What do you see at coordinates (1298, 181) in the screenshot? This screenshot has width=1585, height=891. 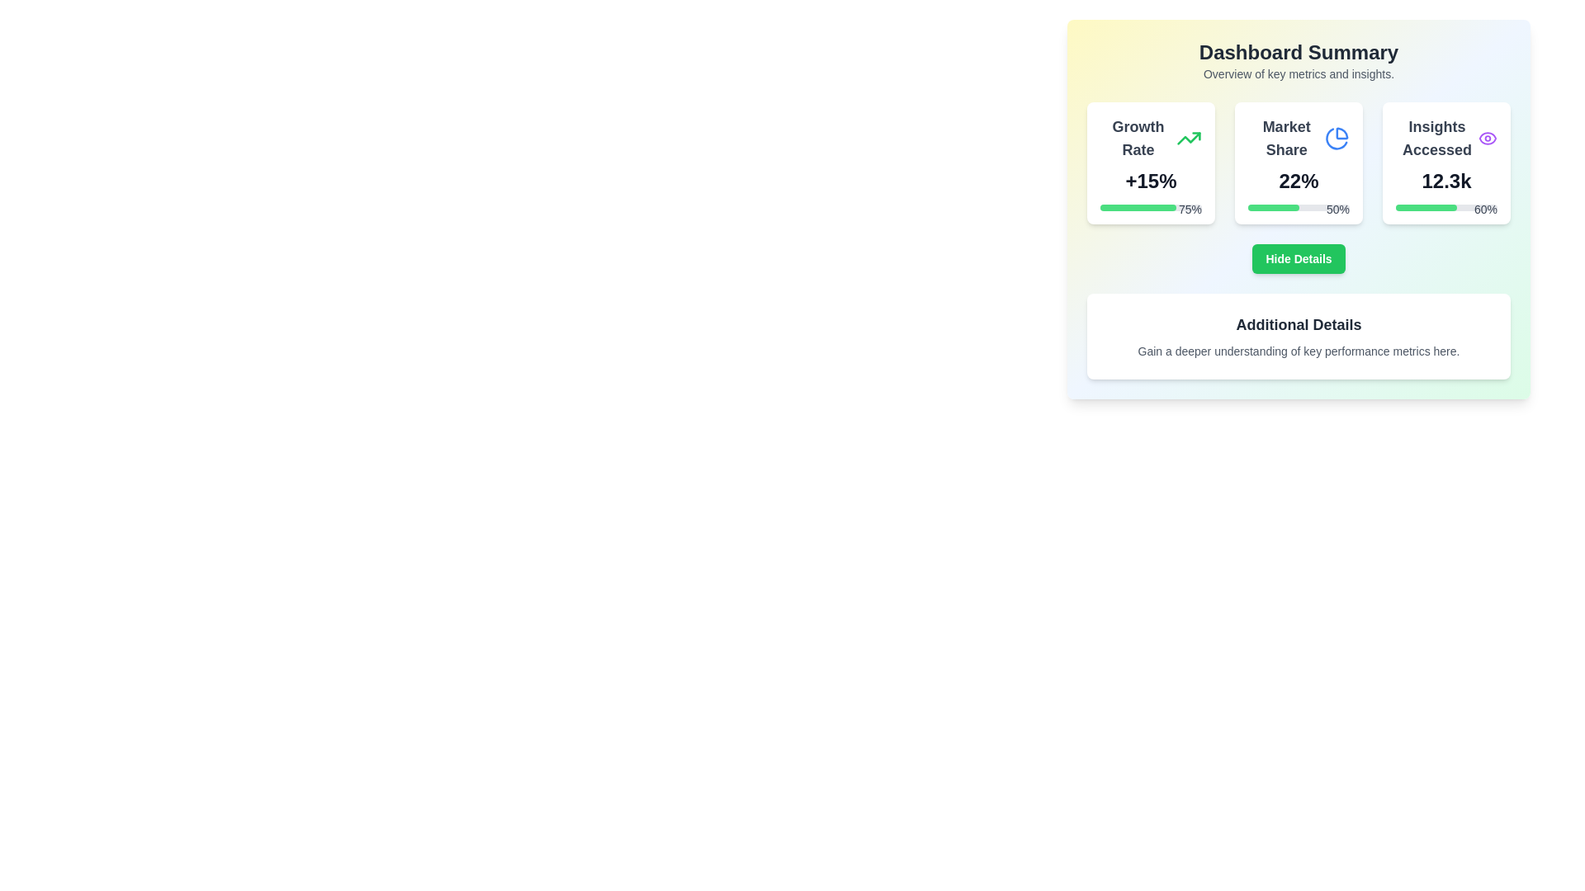 I see `the static text displaying '22%' in bold, large black font, located in the market share component of the dashboard layout` at bounding box center [1298, 181].